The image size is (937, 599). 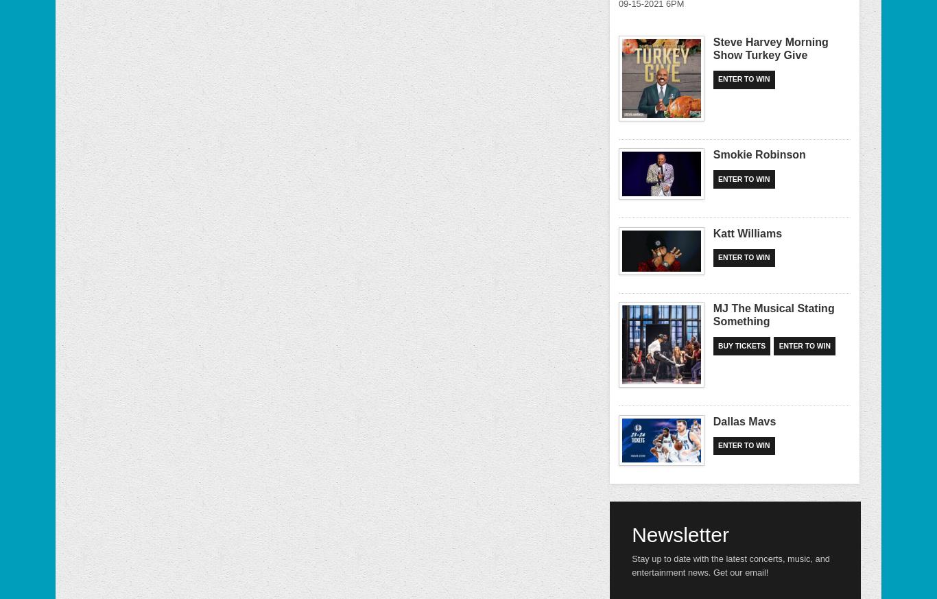 I want to click on 'Buy Tickets', so click(x=717, y=345).